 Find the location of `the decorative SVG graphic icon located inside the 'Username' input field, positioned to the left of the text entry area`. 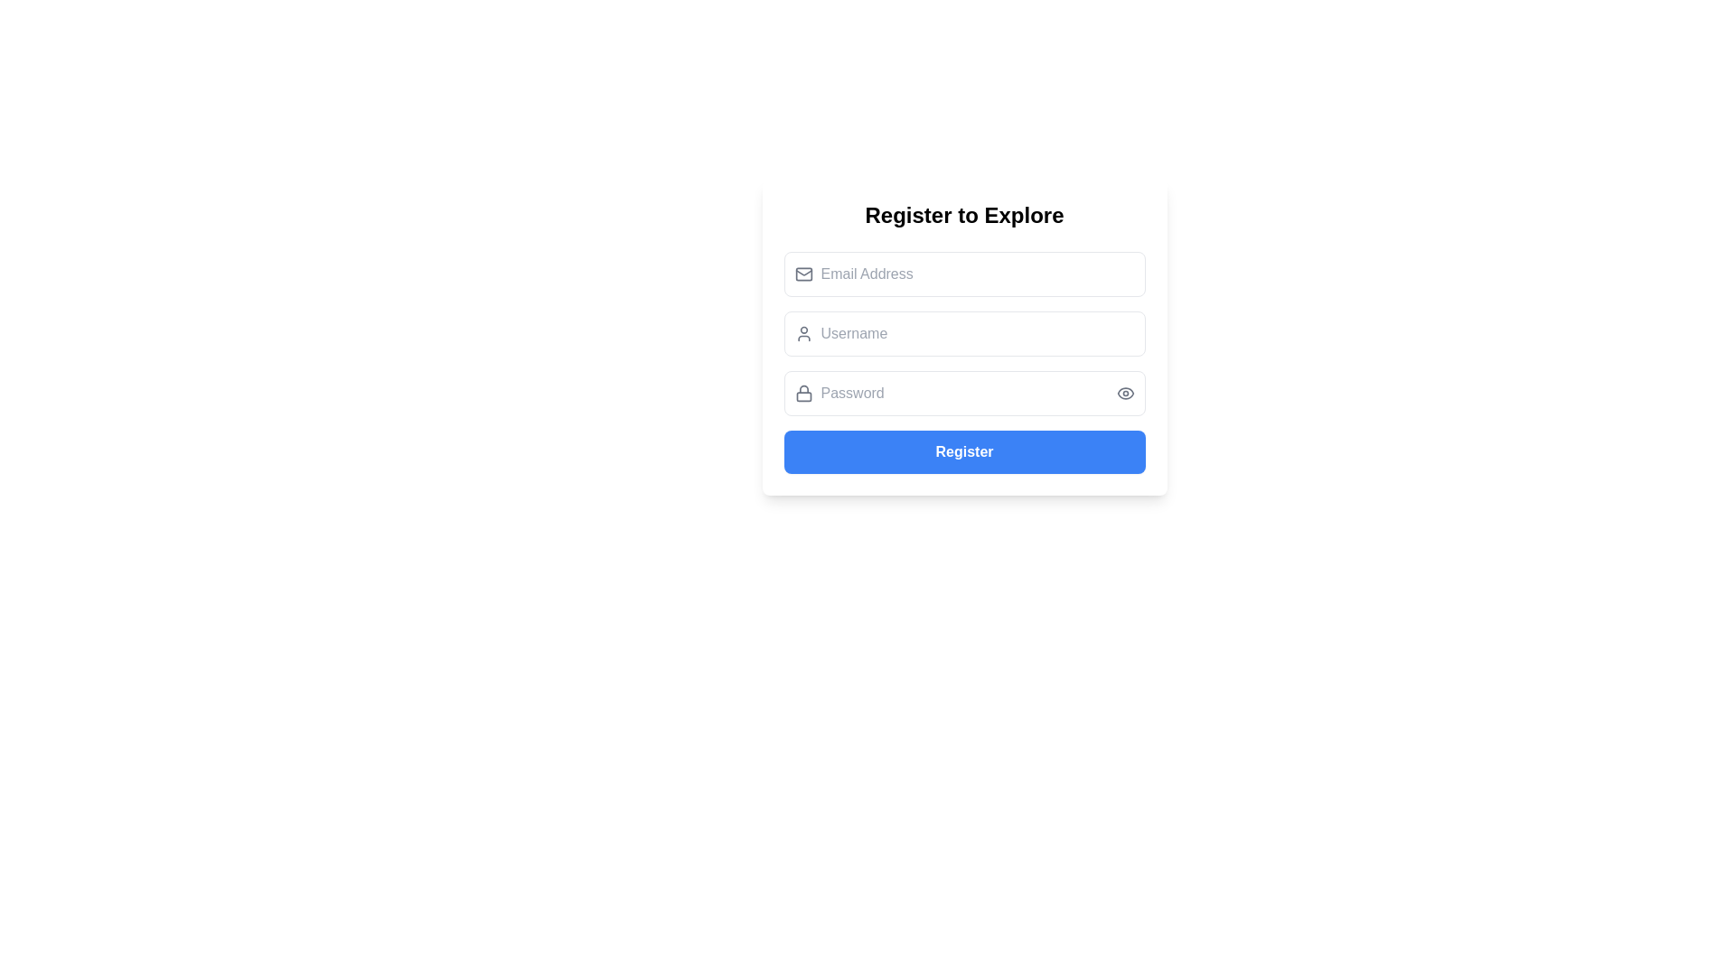

the decorative SVG graphic icon located inside the 'Username' input field, positioned to the left of the text entry area is located at coordinates (802, 334).